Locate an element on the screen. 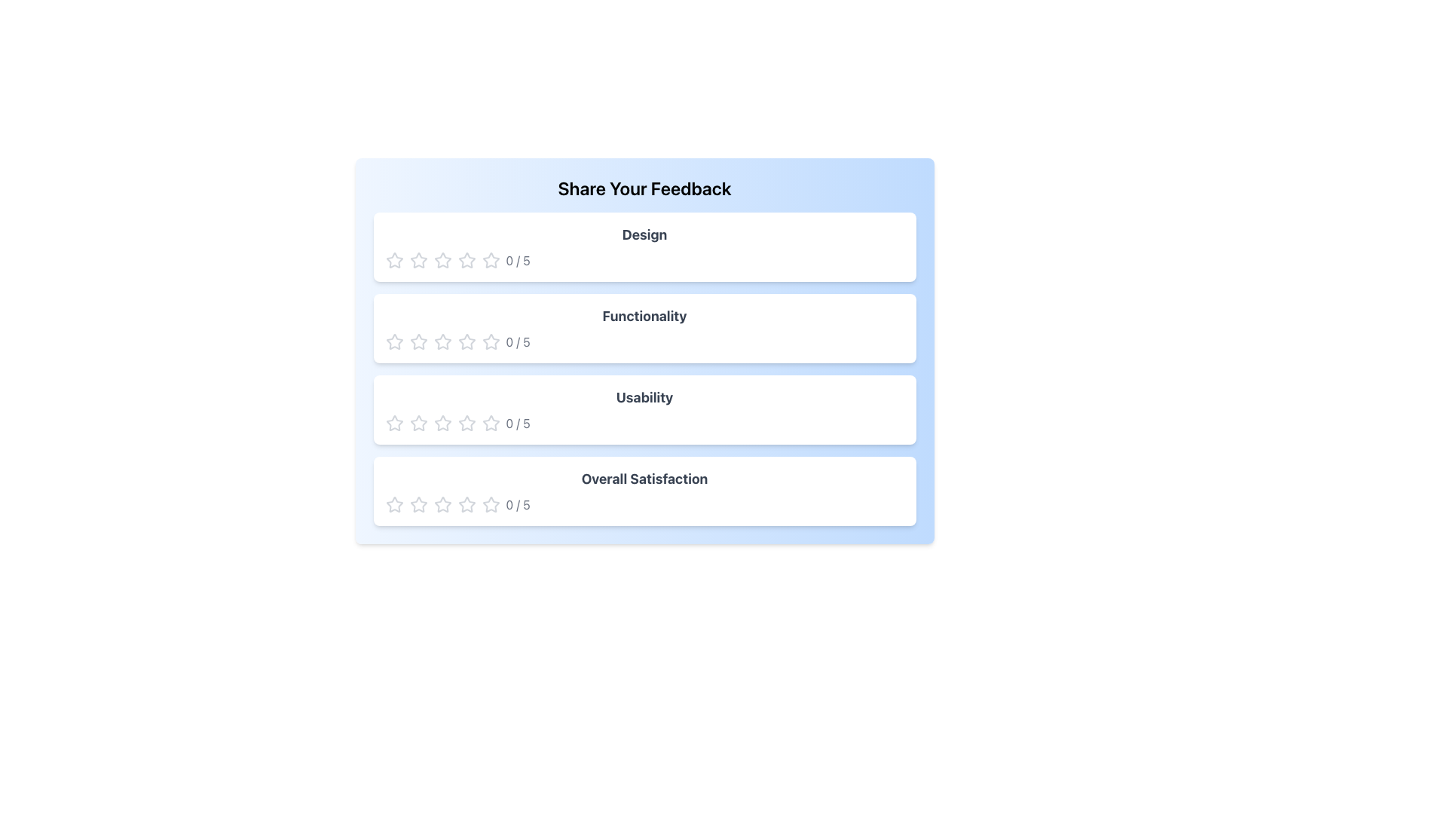  the text label displaying the fraction '0 / 5' in gray color, indicating a numerical rating or score, located in the feedback system under the 'Design' section is located at coordinates (518, 260).